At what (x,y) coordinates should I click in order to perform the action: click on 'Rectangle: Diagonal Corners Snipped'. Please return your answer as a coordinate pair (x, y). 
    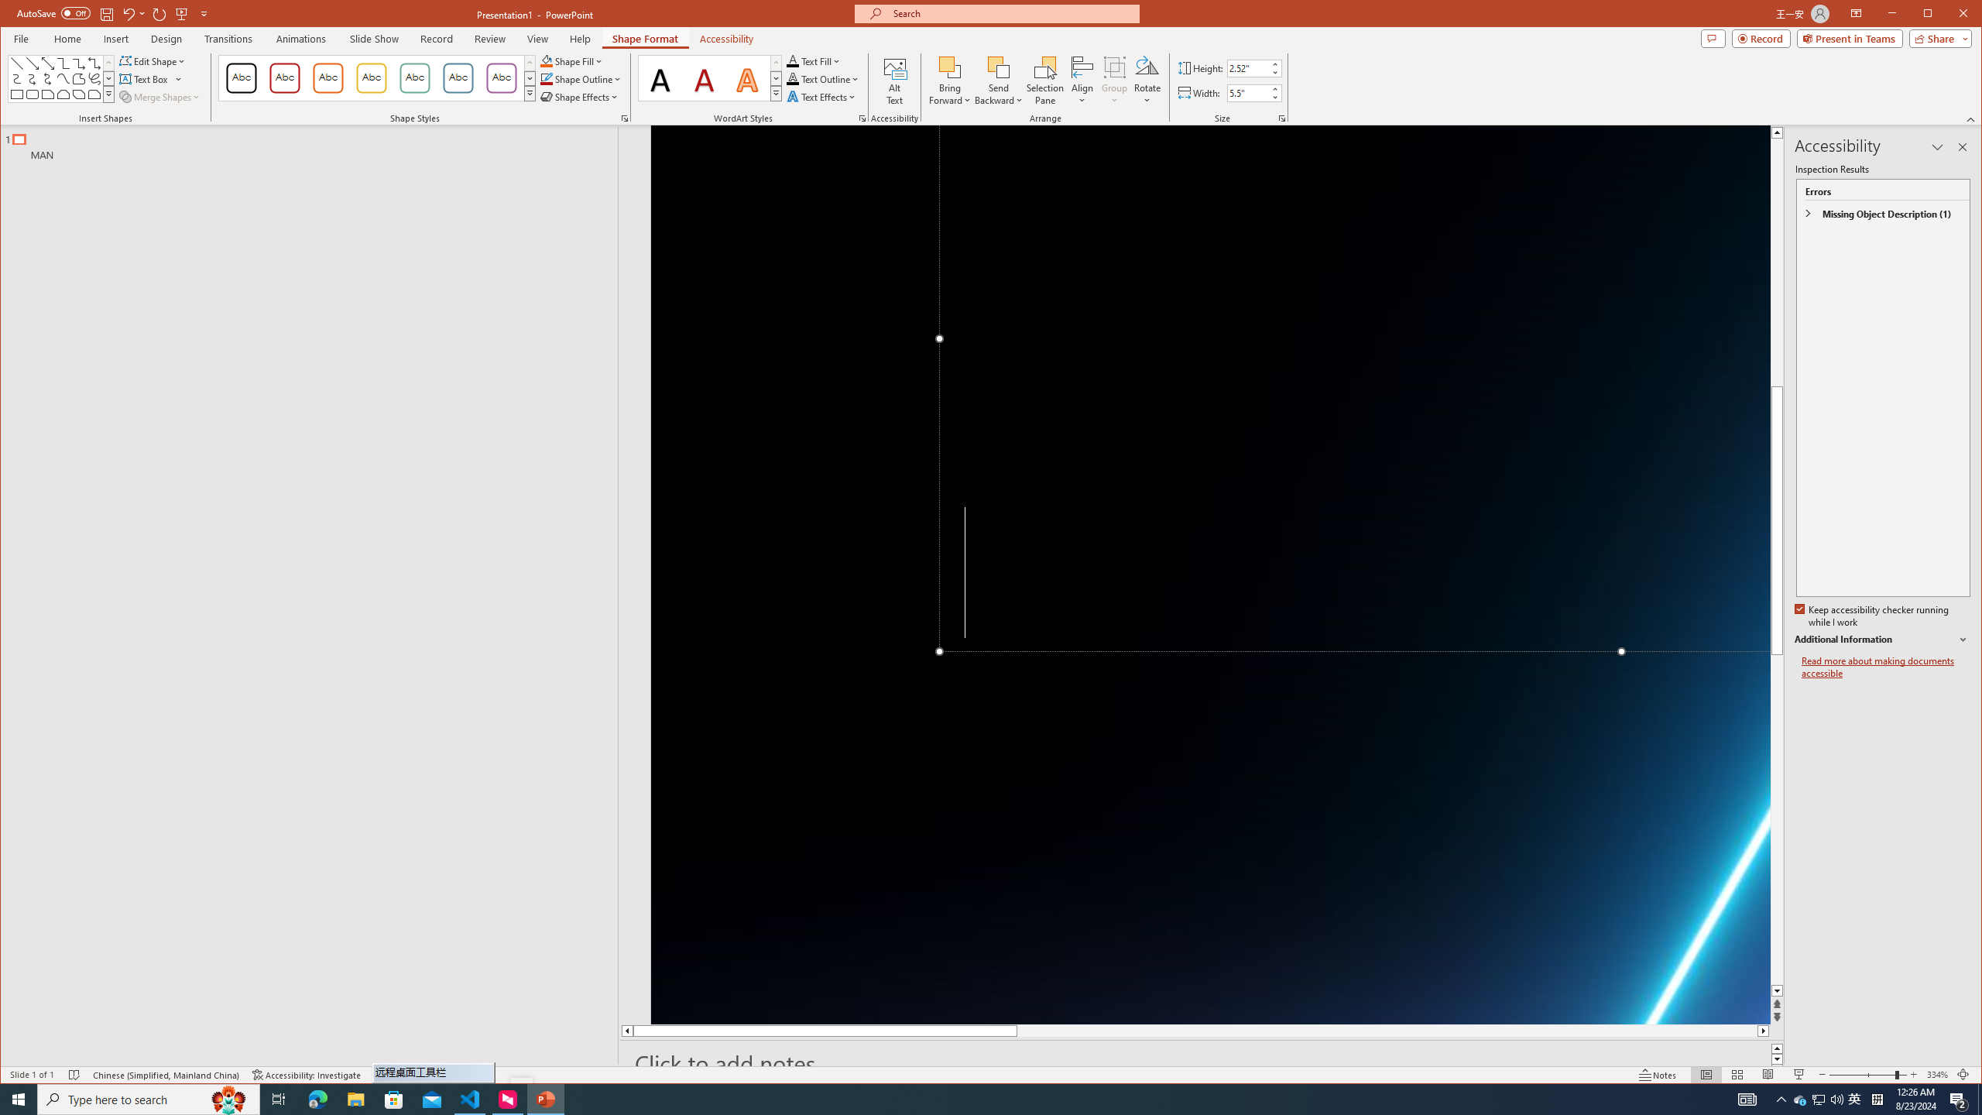
    Looking at the image, I should click on (78, 94).